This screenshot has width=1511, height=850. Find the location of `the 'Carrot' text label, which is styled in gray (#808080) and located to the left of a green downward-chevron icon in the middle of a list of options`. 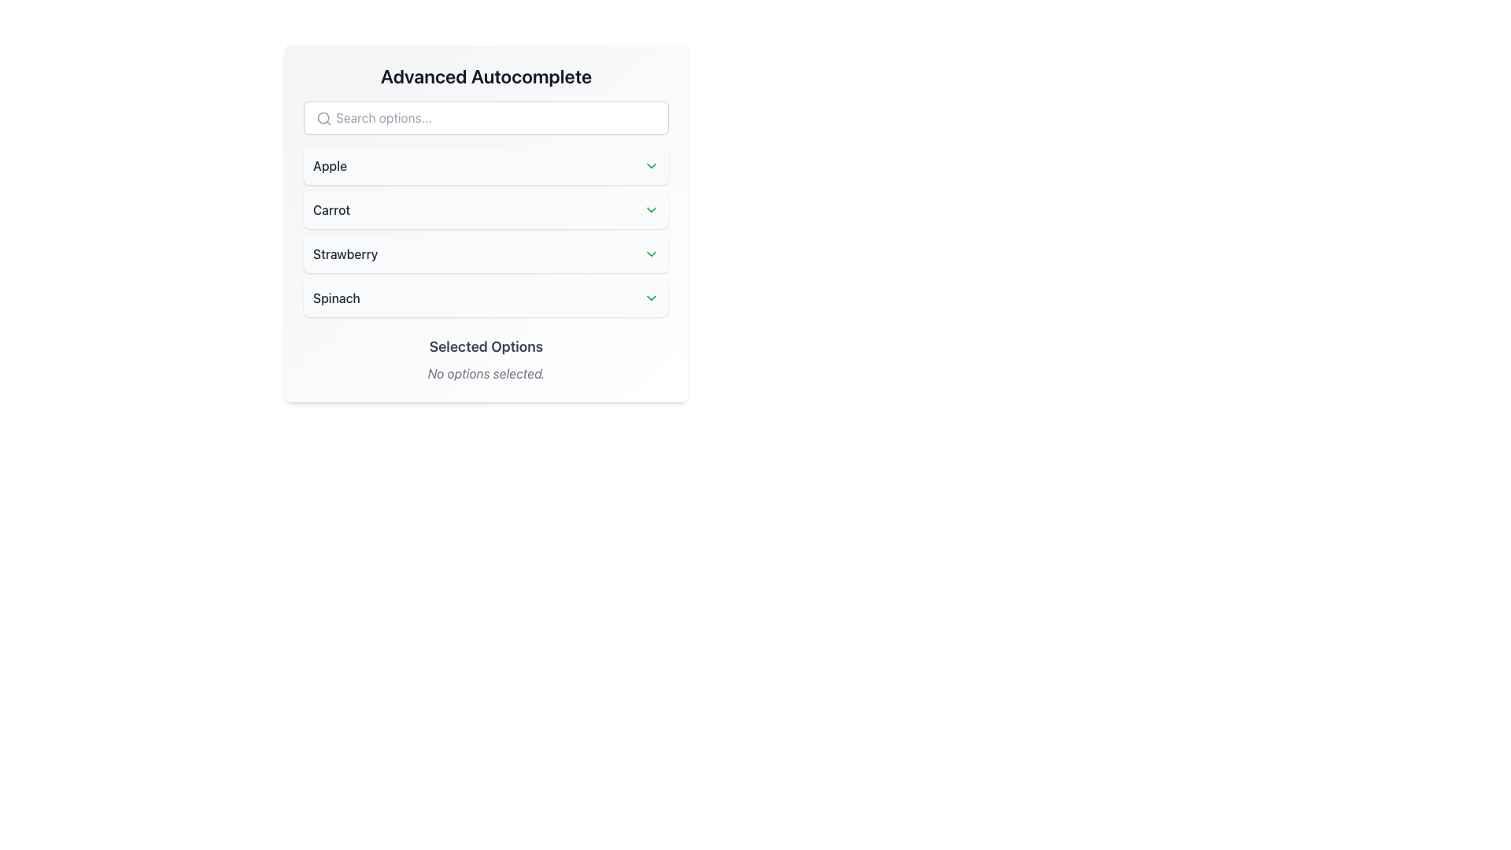

the 'Carrot' text label, which is styled in gray (#808080) and located to the left of a green downward-chevron icon in the middle of a list of options is located at coordinates (331, 209).